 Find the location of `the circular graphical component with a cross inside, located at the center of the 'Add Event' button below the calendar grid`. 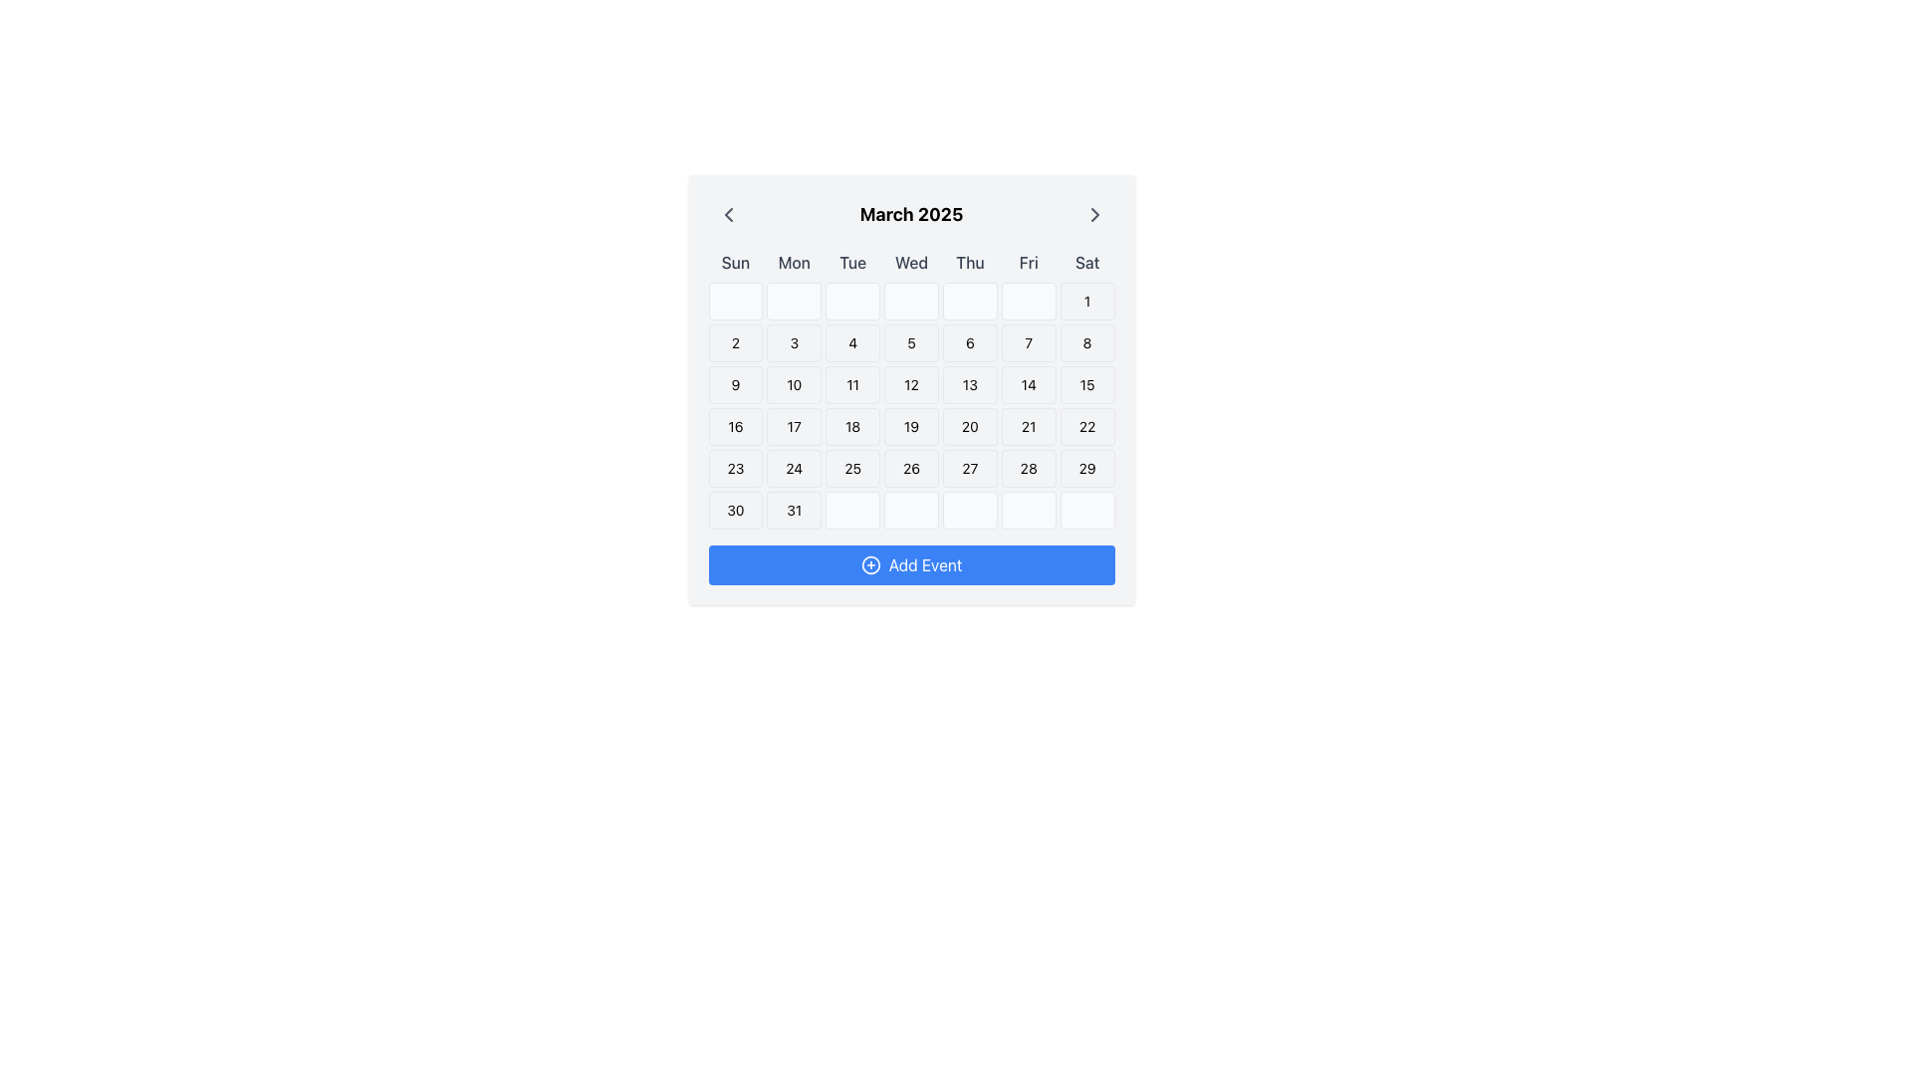

the circular graphical component with a cross inside, located at the center of the 'Add Event' button below the calendar grid is located at coordinates (870, 564).